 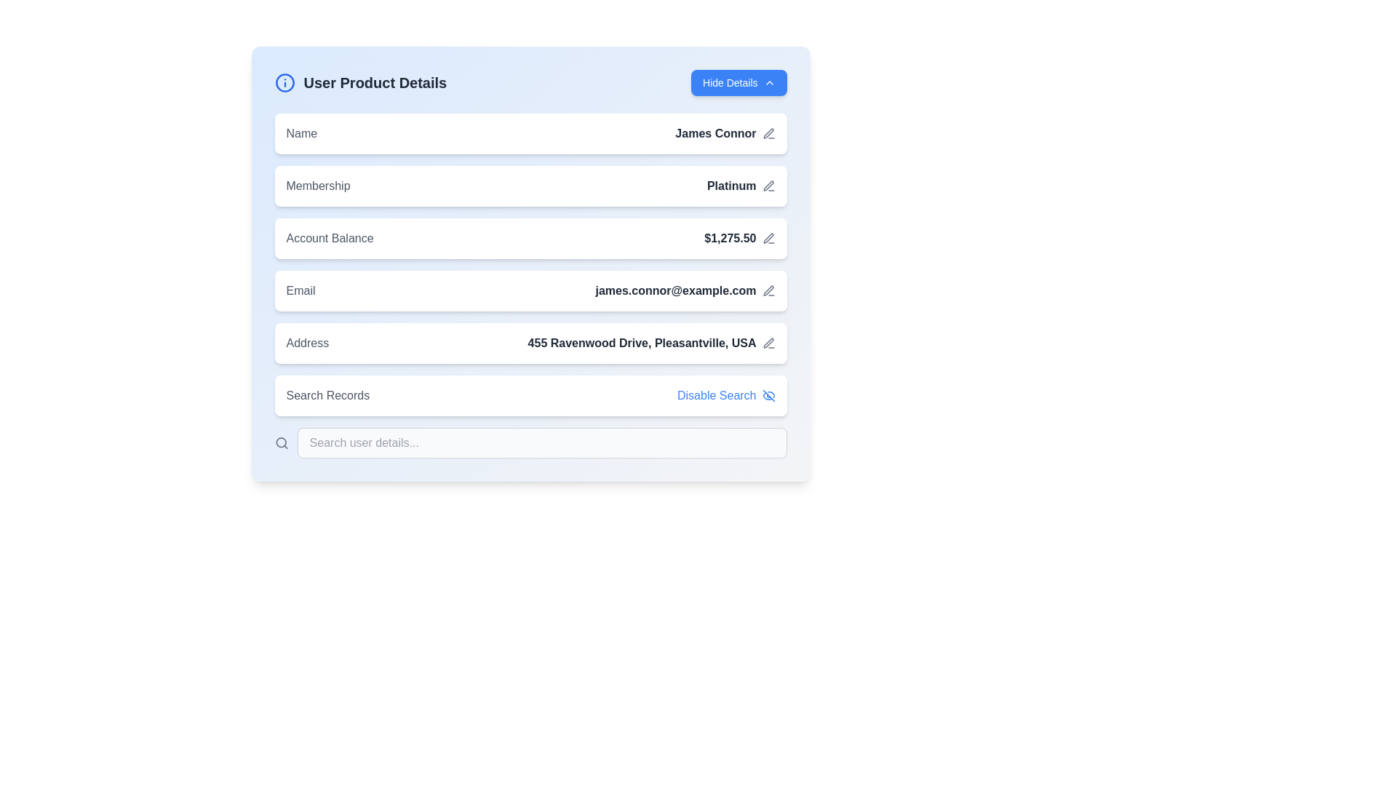 I want to click on the small downward-pointing chevron icon located to the right of the text 'Hide Details', so click(x=768, y=83).